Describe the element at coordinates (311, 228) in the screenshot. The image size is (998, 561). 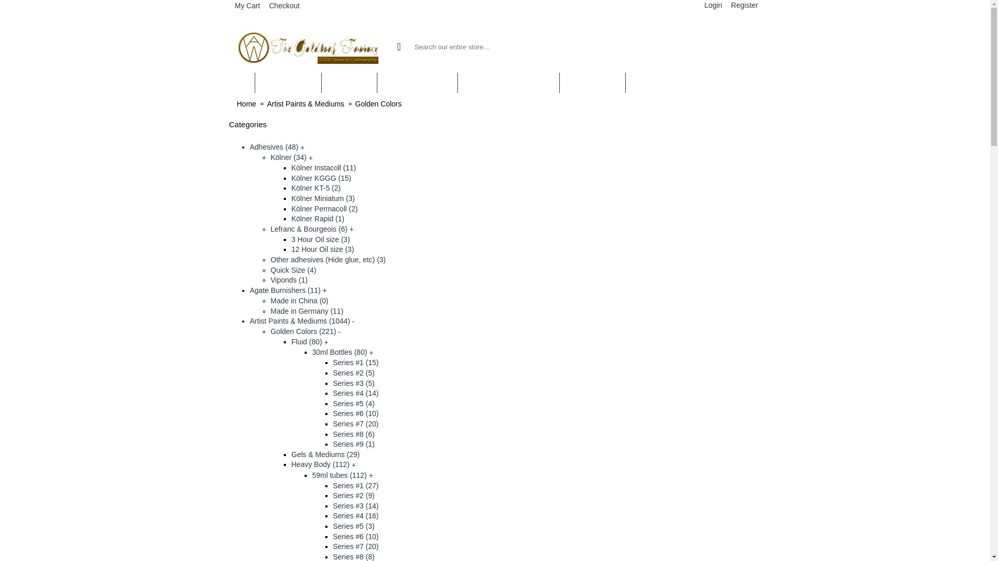
I see `'Lefranc & Bourgeois (6) +'` at that location.